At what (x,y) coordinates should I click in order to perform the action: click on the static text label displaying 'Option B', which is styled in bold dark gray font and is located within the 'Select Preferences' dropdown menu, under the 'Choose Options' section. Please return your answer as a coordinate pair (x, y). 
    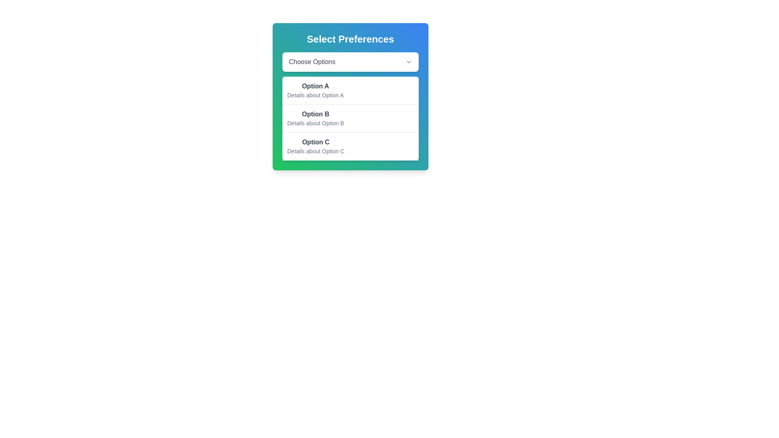
    Looking at the image, I should click on (315, 114).